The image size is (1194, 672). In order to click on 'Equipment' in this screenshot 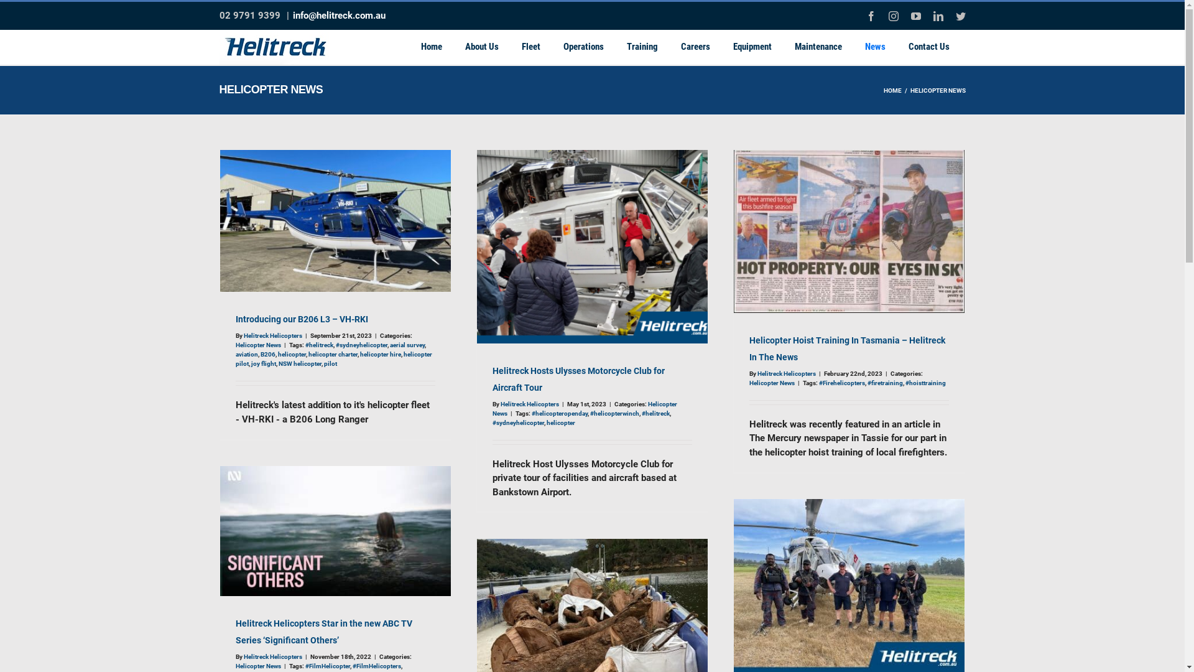, I will do `click(751, 46)`.